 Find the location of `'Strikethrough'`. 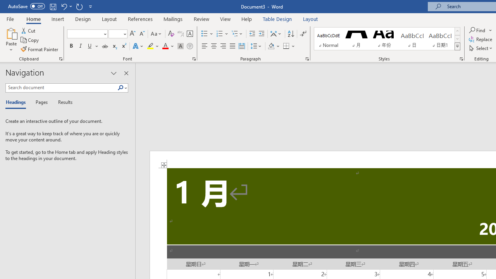

'Strikethrough' is located at coordinates (104, 46).